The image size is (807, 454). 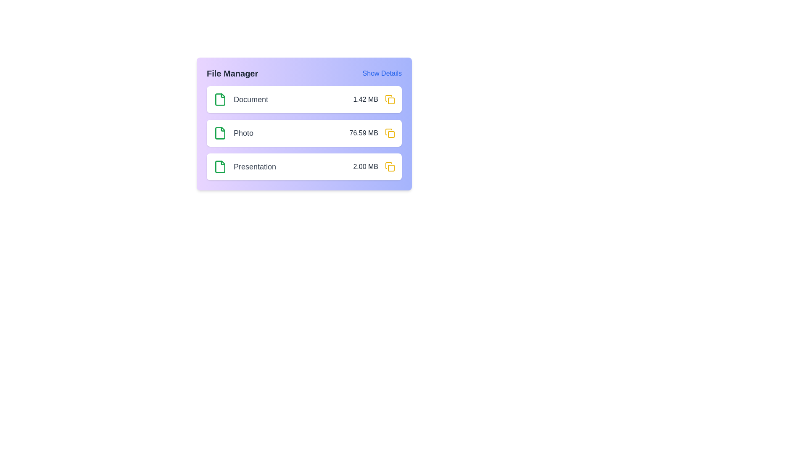 I want to click on the 'File Manager' text label, which is styled in a large, bold font with dark gray color against a light purple background, located at the top of a card-like structure, so click(x=232, y=73).